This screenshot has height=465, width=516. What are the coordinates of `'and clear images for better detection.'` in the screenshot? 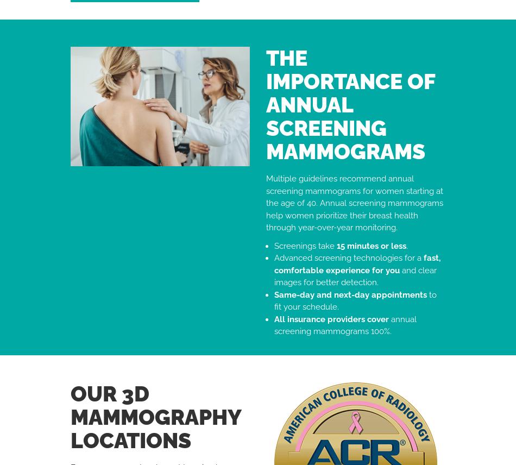 It's located at (355, 276).